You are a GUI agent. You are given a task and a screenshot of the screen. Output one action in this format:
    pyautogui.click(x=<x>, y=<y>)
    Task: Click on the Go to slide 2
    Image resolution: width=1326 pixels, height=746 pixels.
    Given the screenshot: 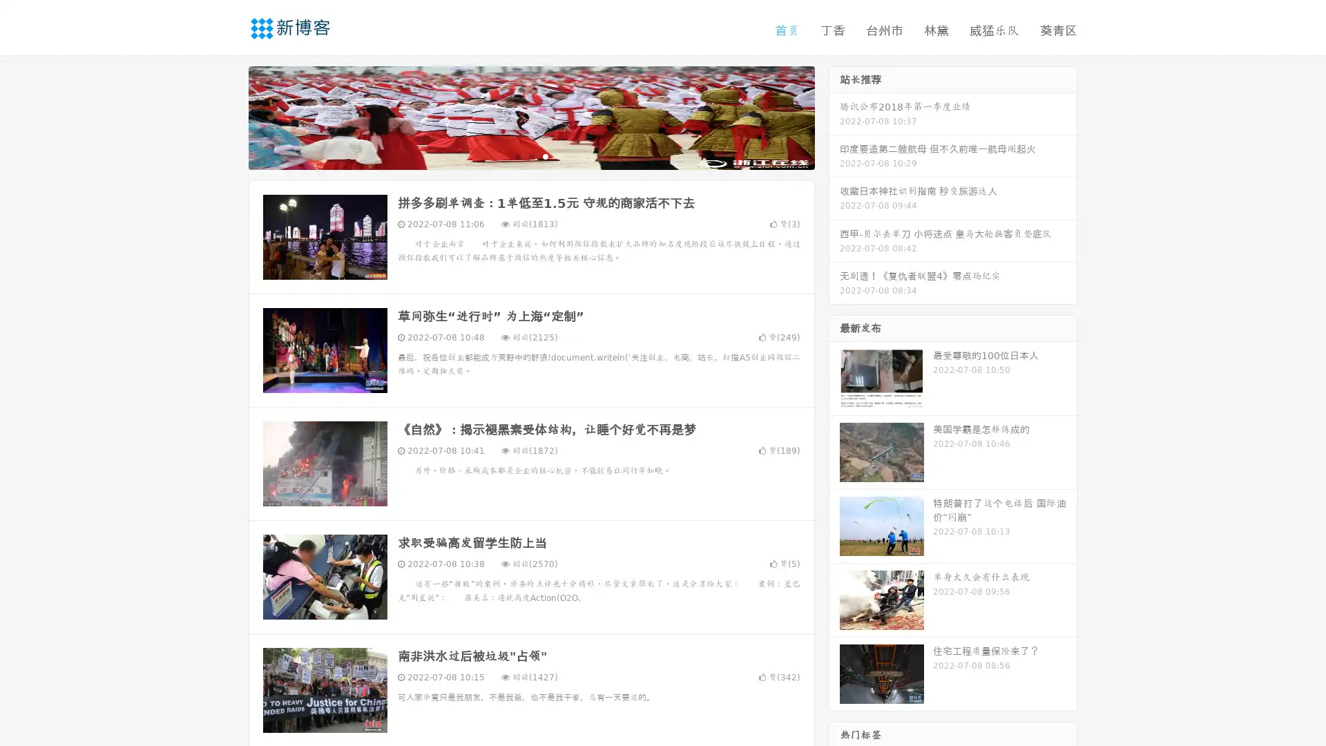 What is the action you would take?
    pyautogui.click(x=530, y=155)
    